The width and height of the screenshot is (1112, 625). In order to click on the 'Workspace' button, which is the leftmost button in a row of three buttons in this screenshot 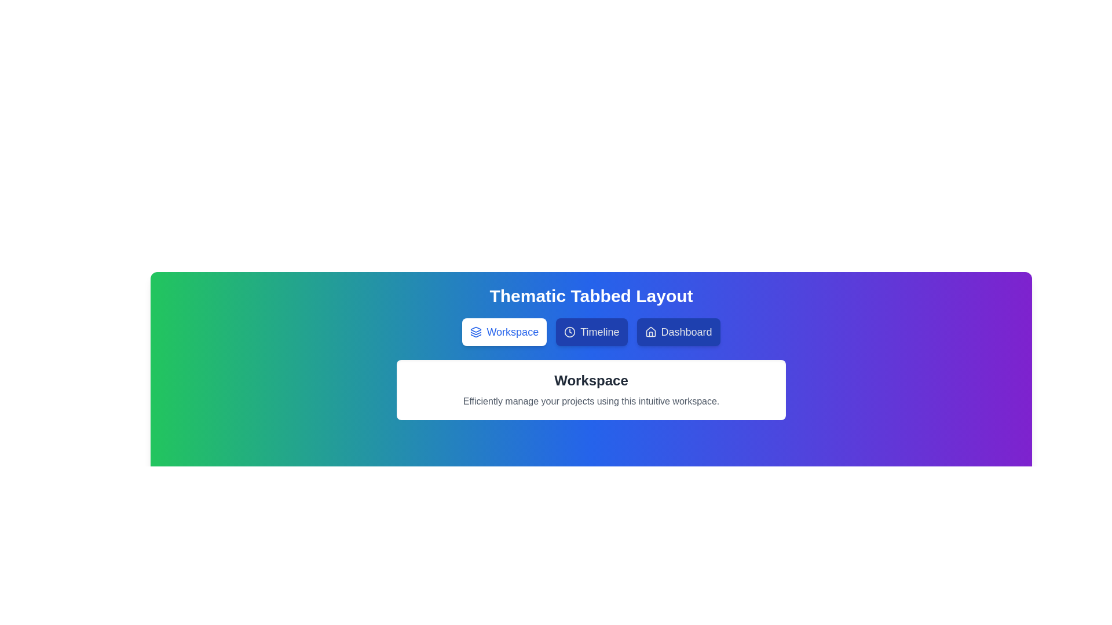, I will do `click(504, 332)`.